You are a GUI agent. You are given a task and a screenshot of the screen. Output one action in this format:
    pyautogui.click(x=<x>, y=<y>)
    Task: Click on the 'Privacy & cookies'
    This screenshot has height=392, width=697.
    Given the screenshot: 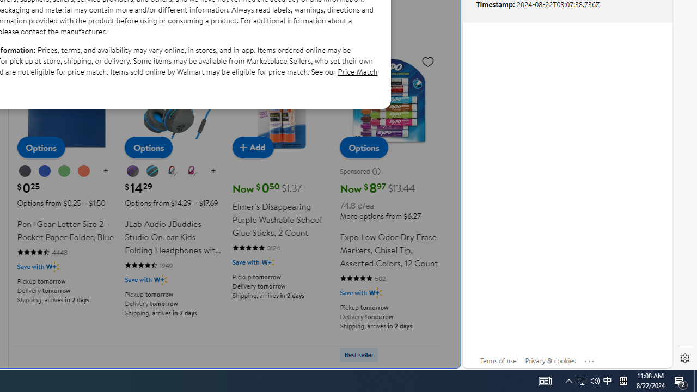 What is the action you would take?
    pyautogui.click(x=551, y=360)
    